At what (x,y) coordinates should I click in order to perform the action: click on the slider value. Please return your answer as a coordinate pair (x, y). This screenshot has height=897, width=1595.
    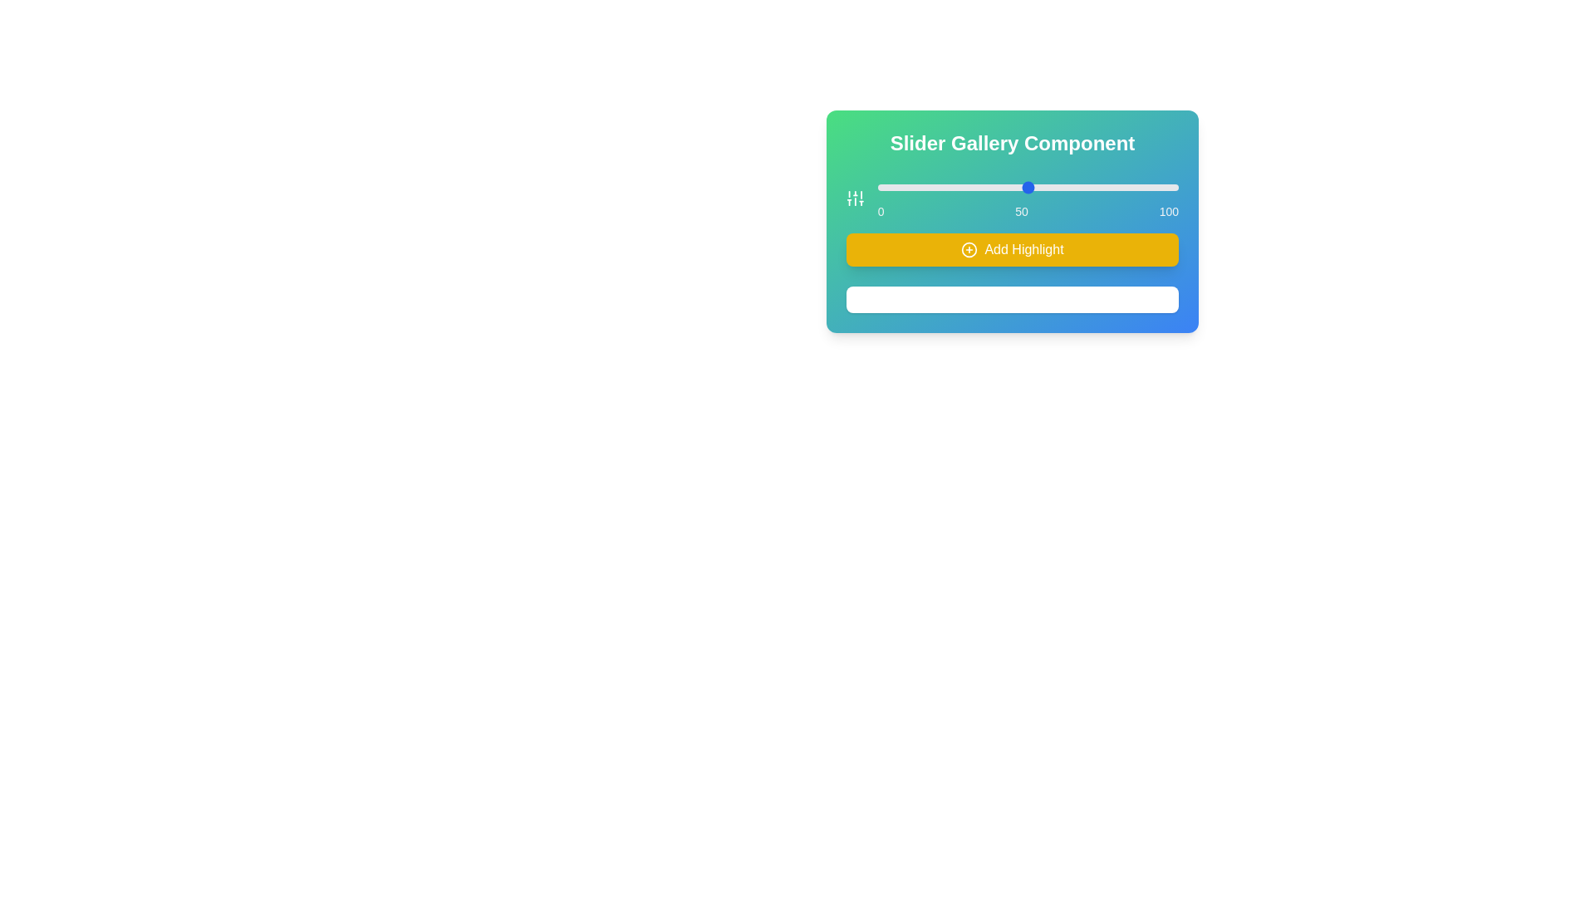
    Looking at the image, I should click on (1085, 187).